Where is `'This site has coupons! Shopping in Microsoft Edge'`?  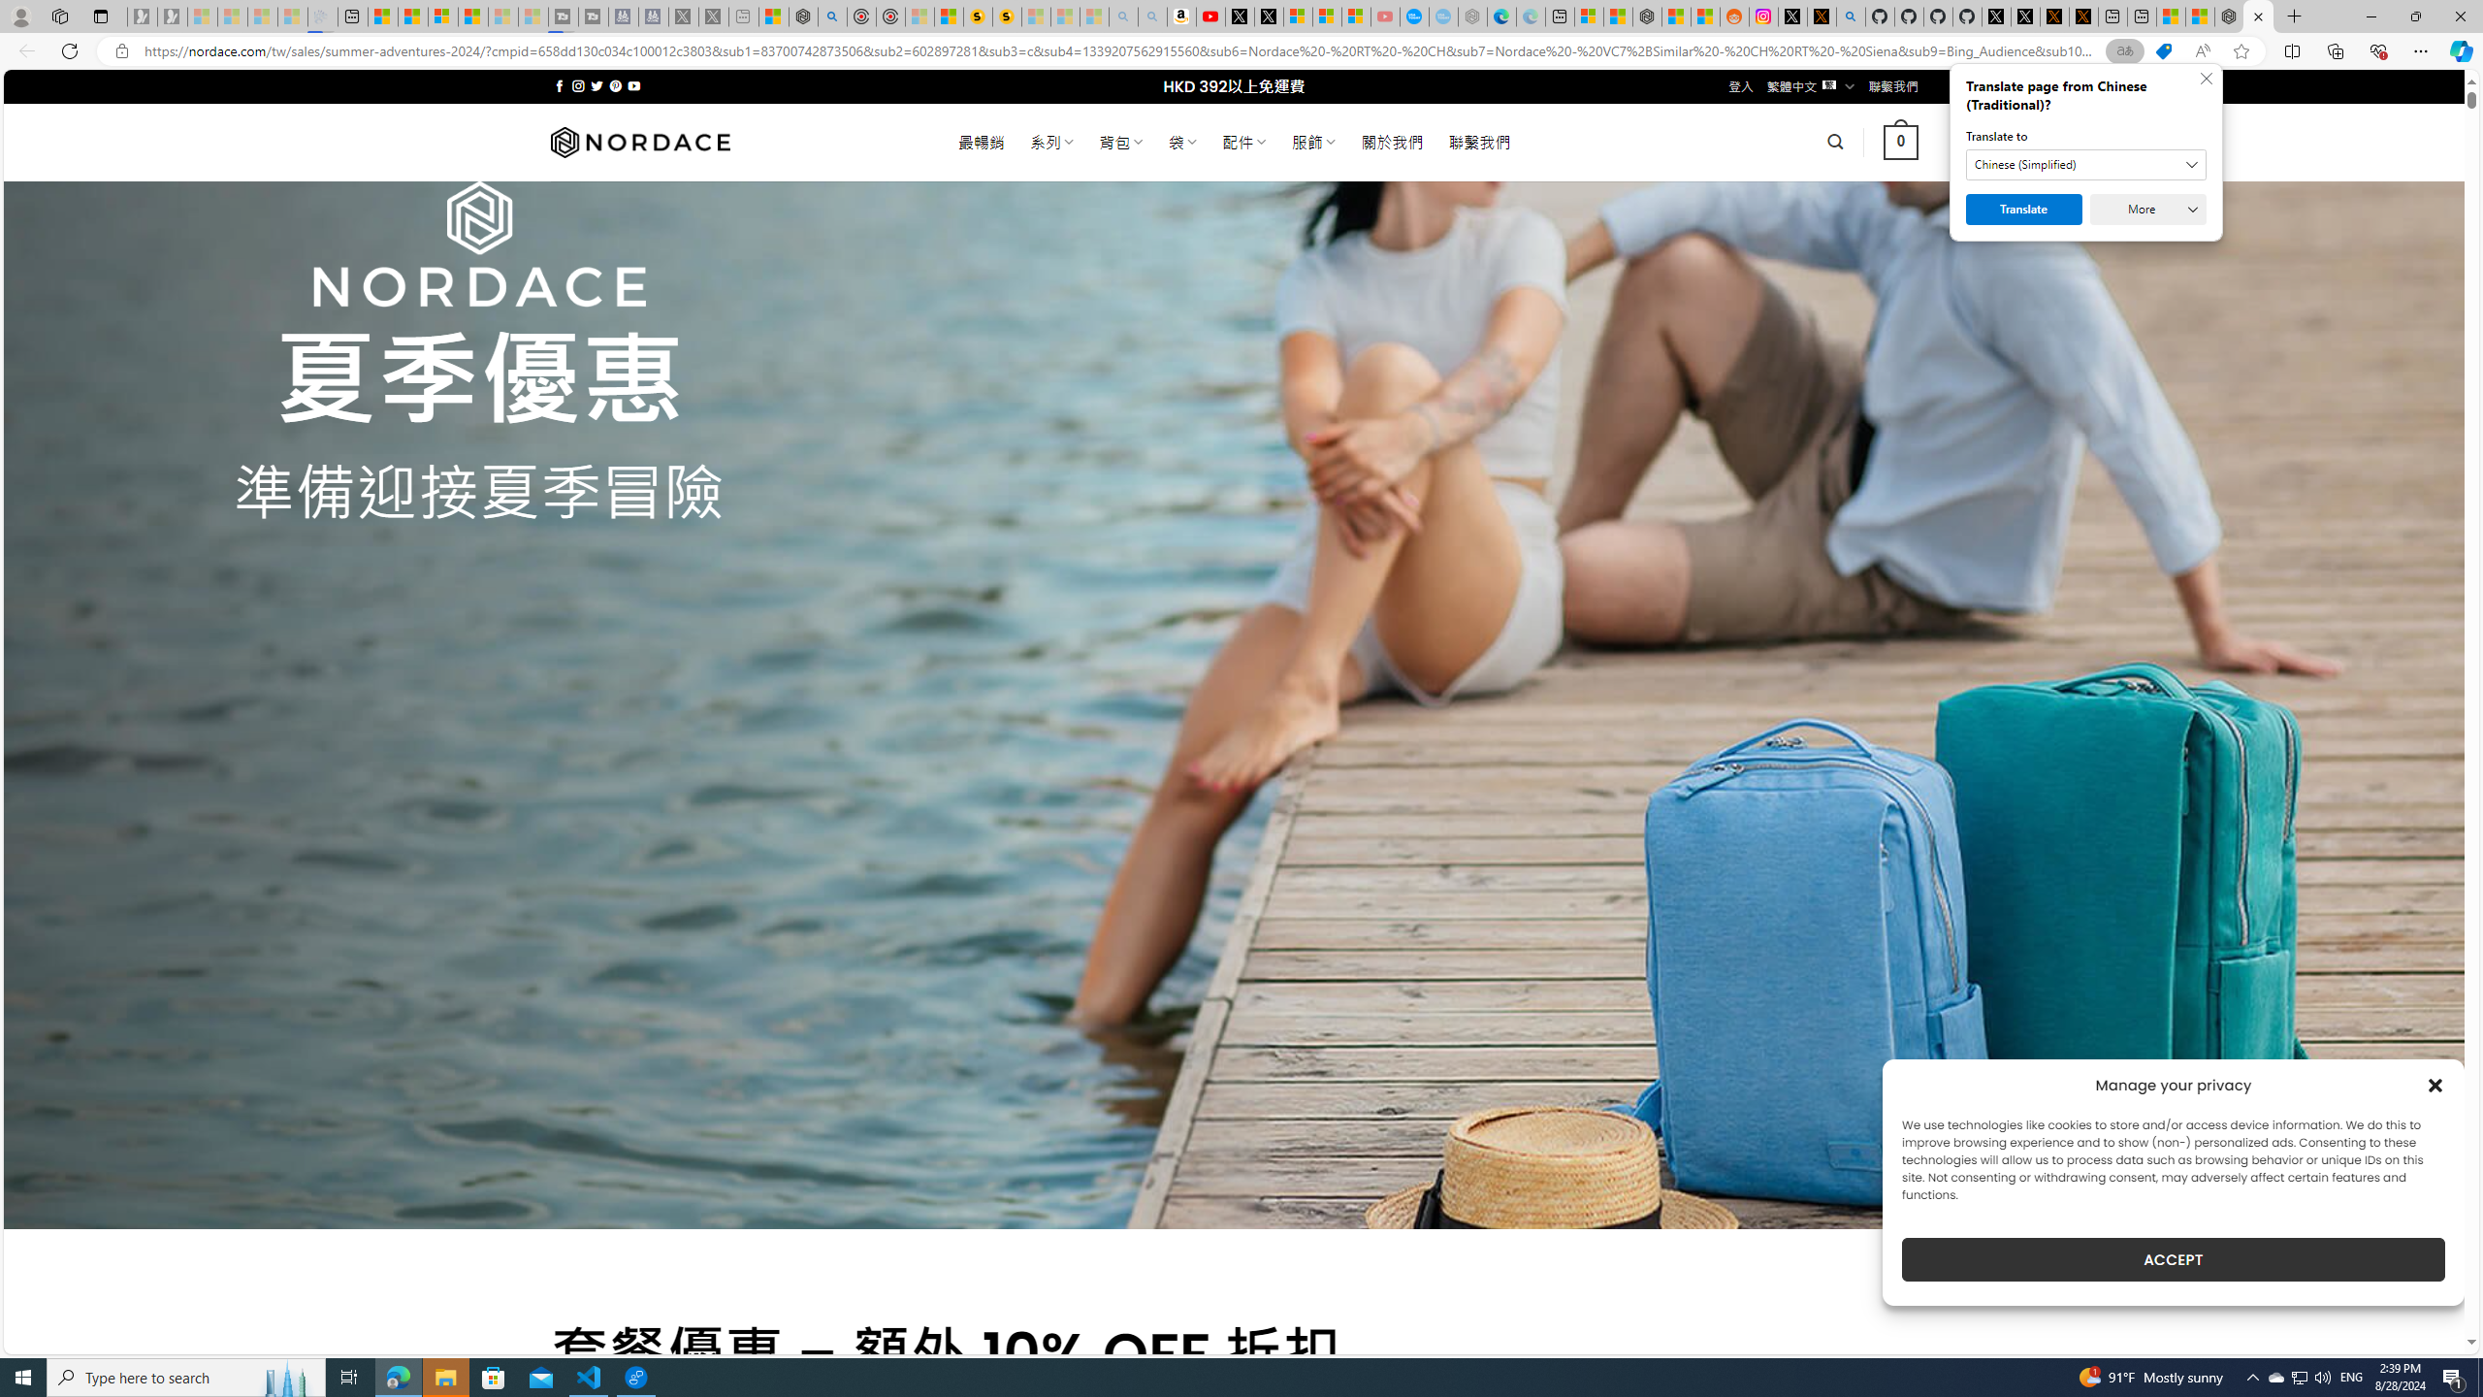
'This site has coupons! Shopping in Microsoft Edge' is located at coordinates (2163, 51).